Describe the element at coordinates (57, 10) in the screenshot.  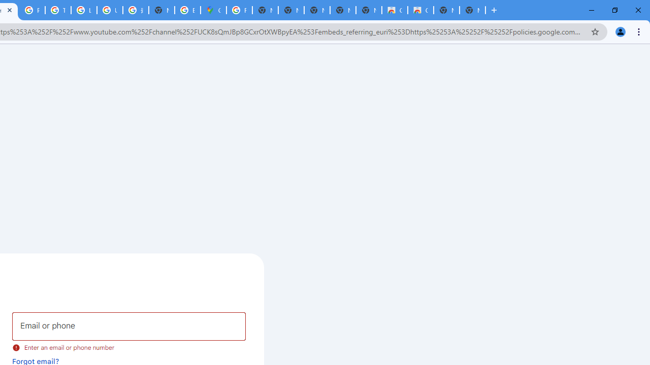
I see `'Tips & tricks for Chrome - Google Chrome Help'` at that location.